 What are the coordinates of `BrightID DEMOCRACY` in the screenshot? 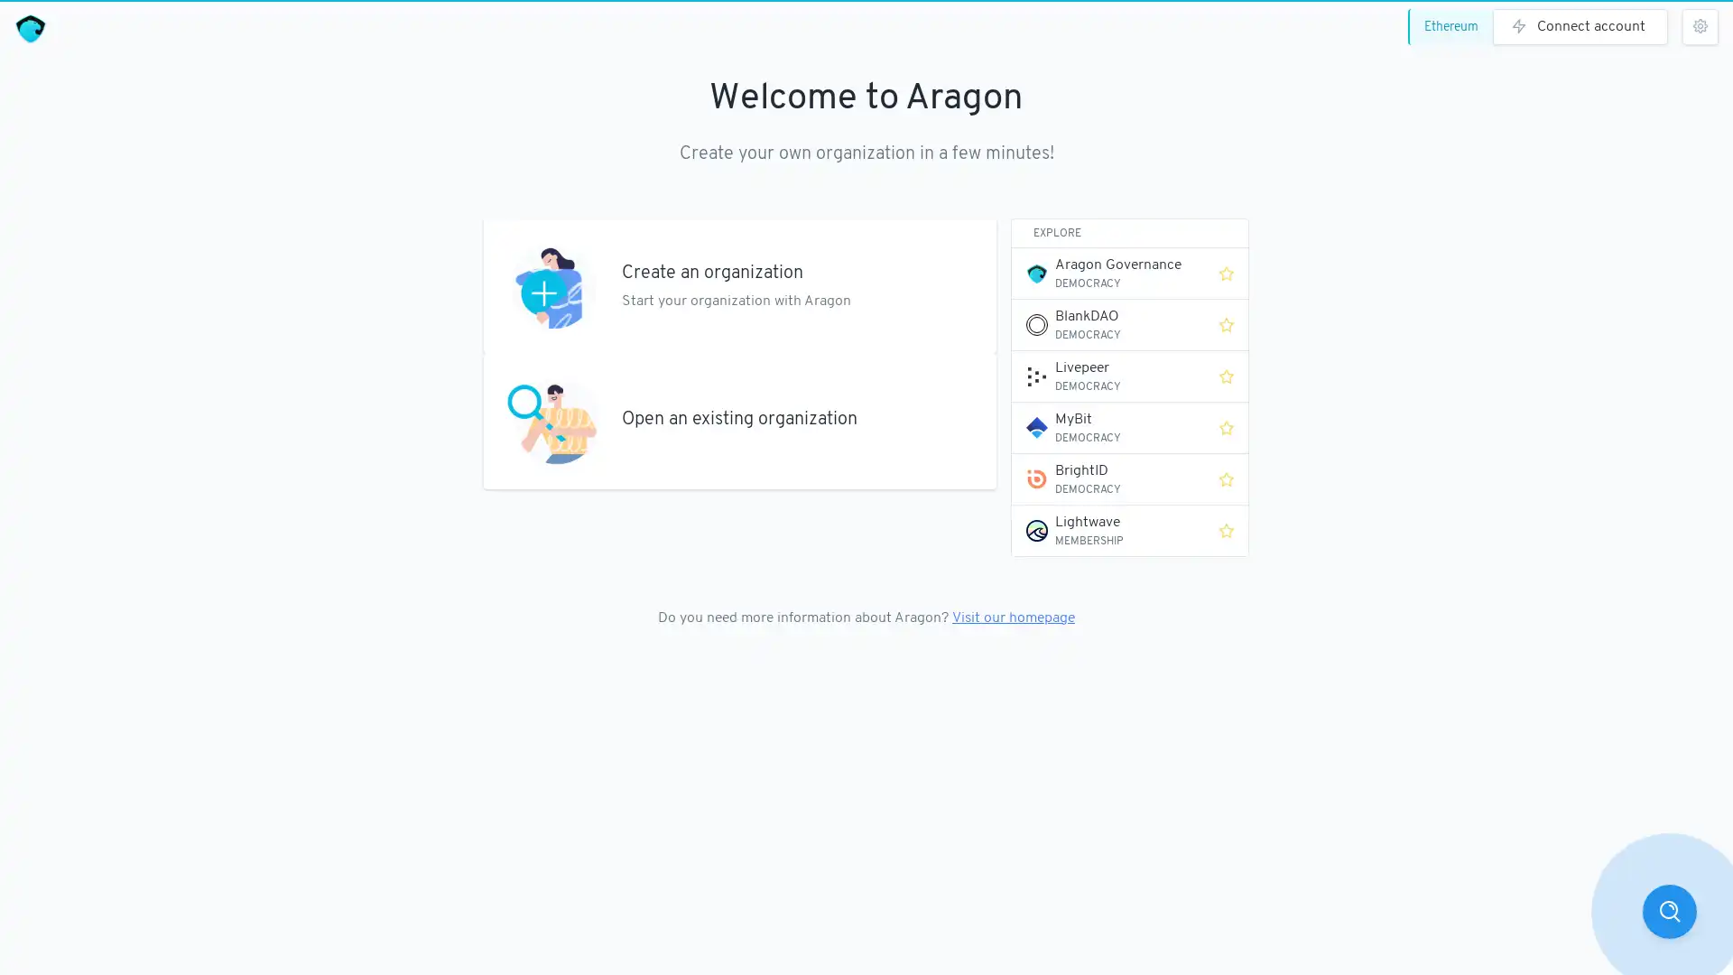 It's located at (1107, 478).